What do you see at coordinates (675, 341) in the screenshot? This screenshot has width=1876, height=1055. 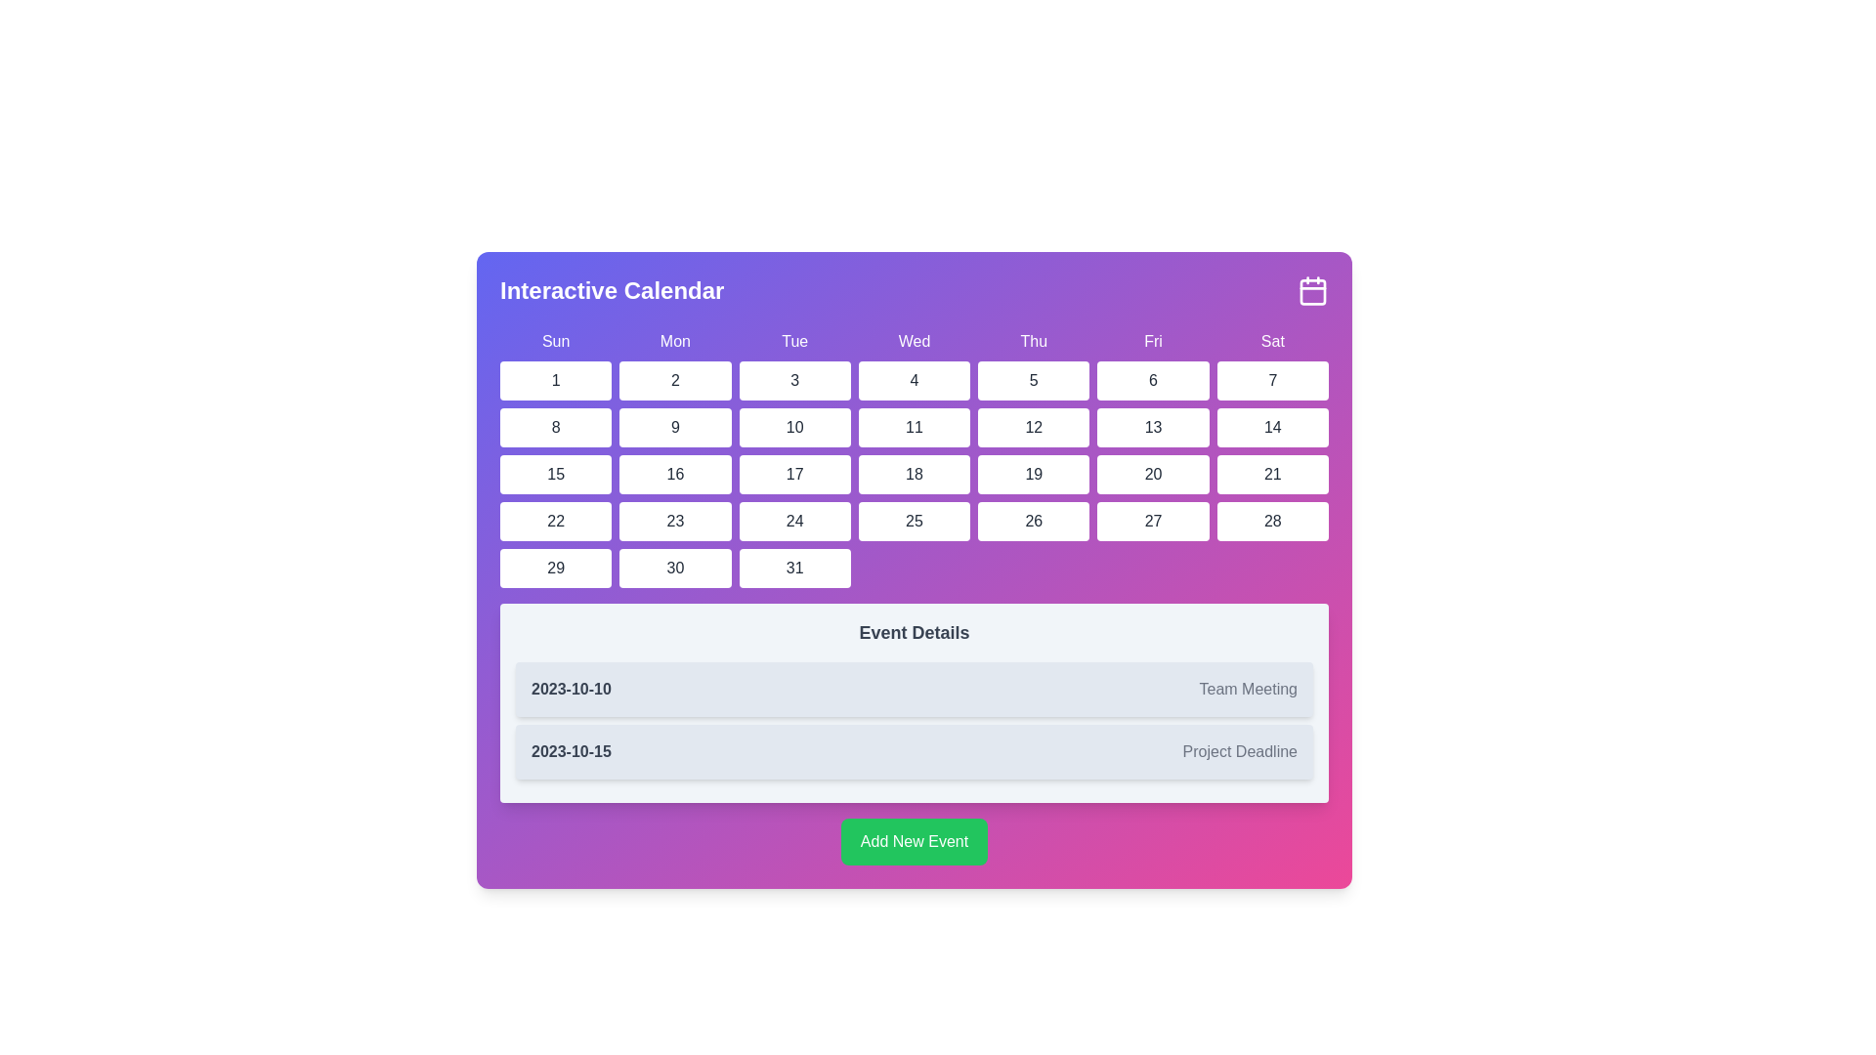 I see `the text label displaying 'Mon' in white font against a purple gradient background, which is the second item in the row of days of the week in the calendar interface` at bounding box center [675, 341].